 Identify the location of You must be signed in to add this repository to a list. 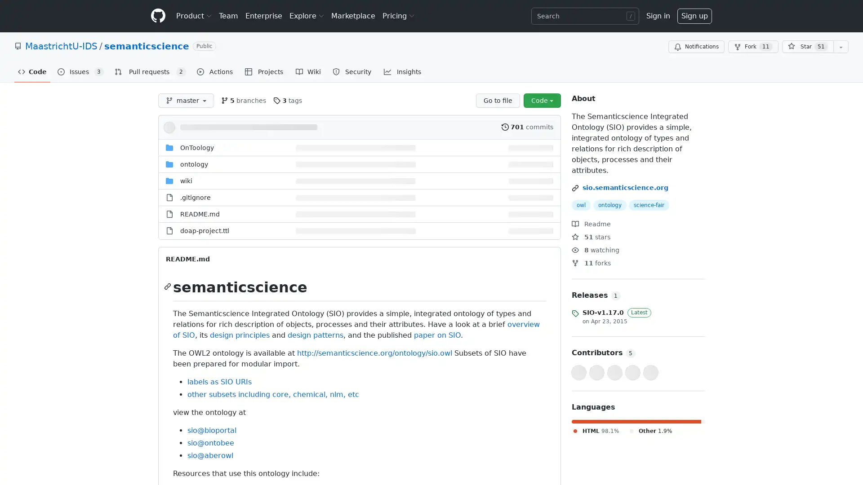
(841, 47).